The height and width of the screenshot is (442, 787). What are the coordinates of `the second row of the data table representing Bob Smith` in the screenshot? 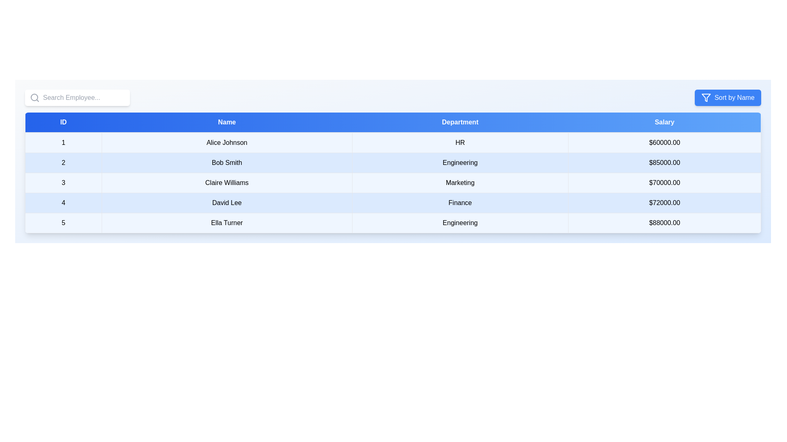 It's located at (393, 162).